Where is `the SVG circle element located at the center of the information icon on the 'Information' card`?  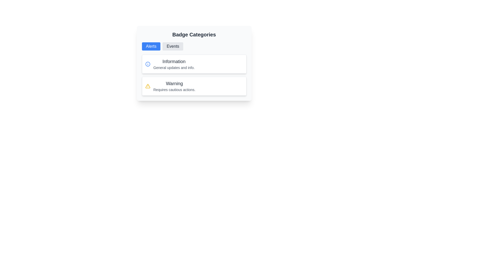
the SVG circle element located at the center of the information icon on the 'Information' card is located at coordinates (147, 64).